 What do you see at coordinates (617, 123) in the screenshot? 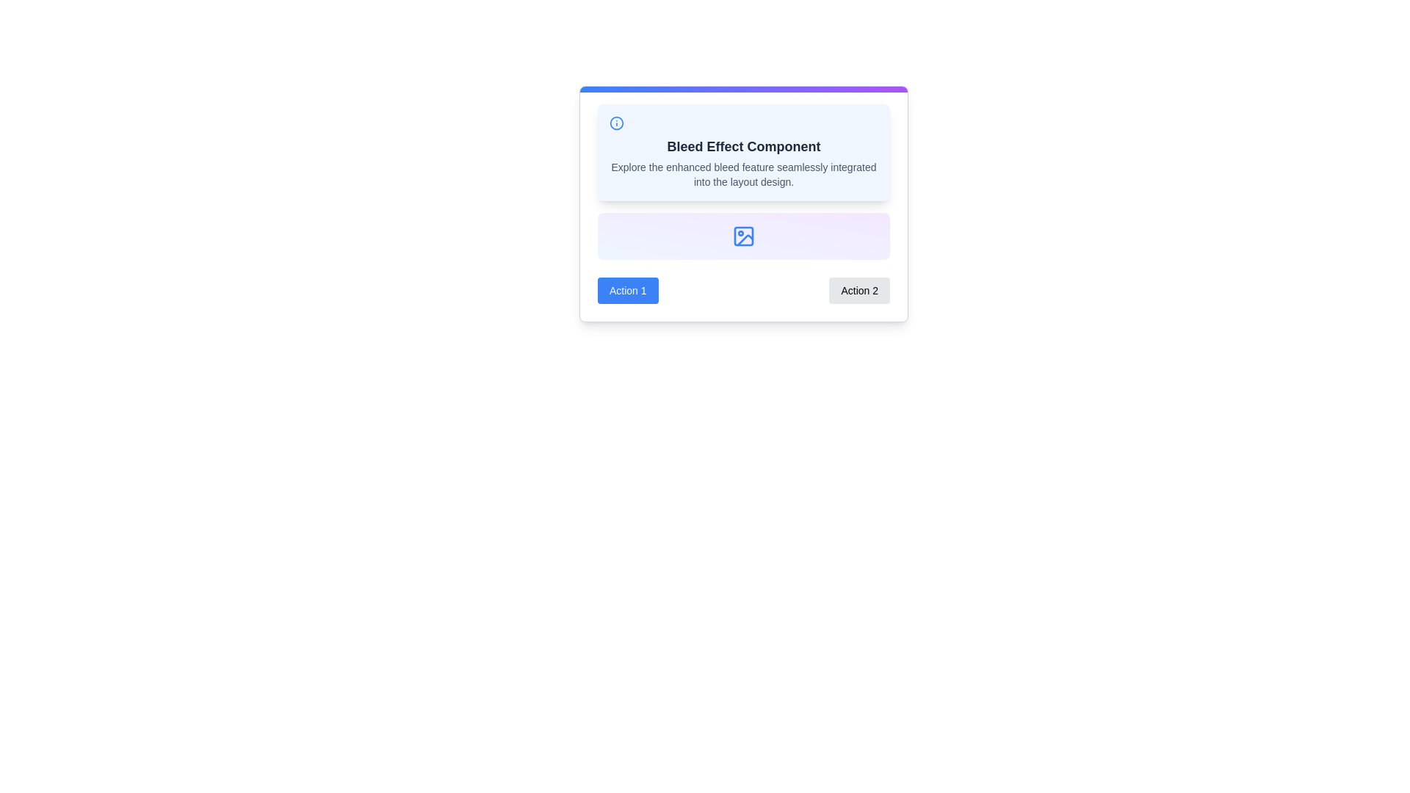
I see `the informational indicator icon located at the top-left corner of the card component, which is above the title 'Bleed Effect Component'` at bounding box center [617, 123].